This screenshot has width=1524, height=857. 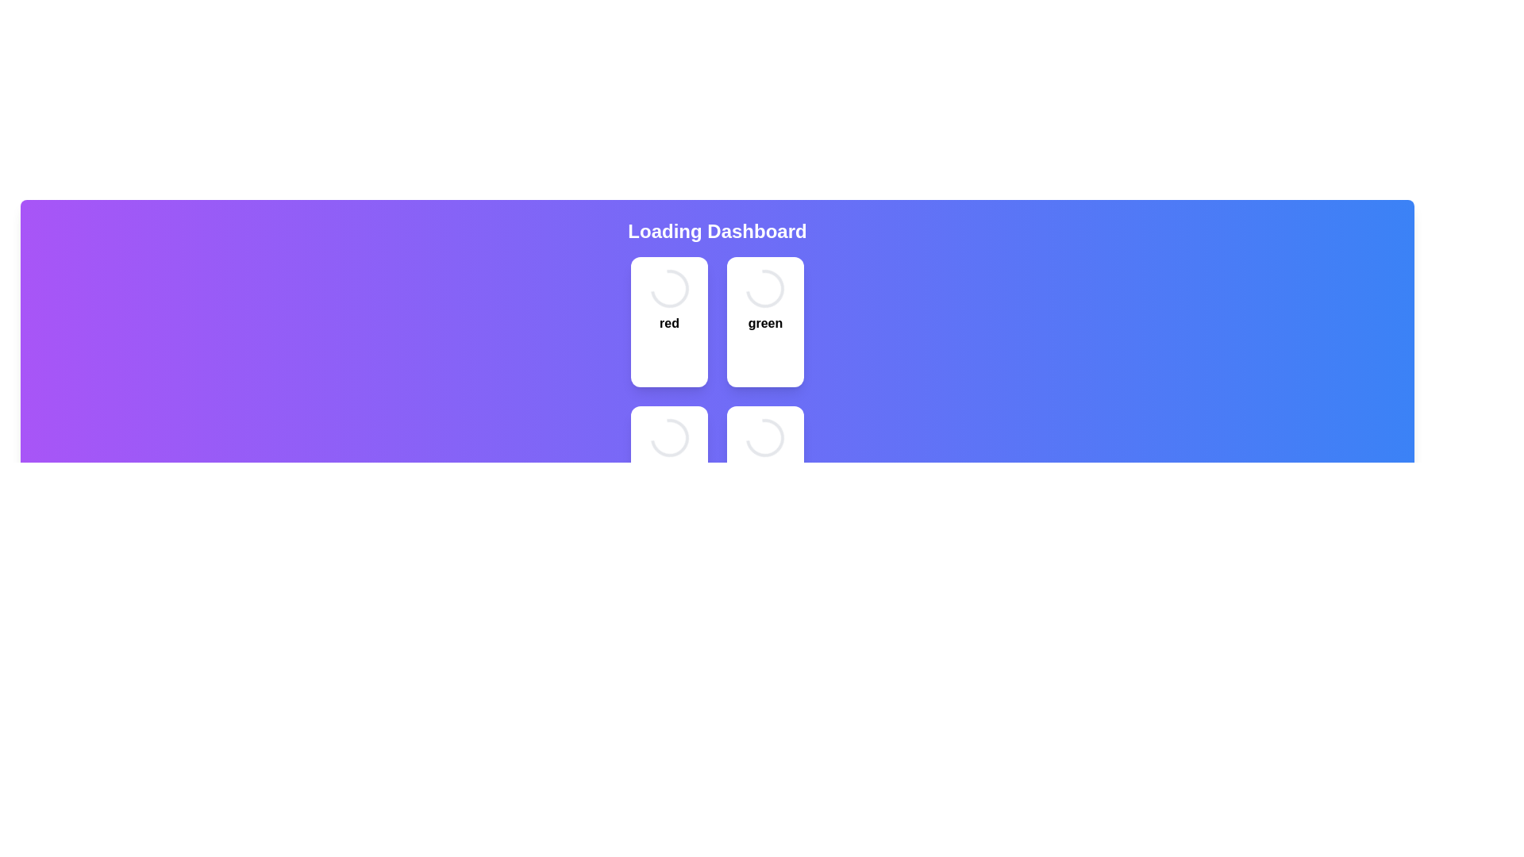 I want to click on the grid layout containing loading indicators to navigate between items, so click(x=716, y=396).